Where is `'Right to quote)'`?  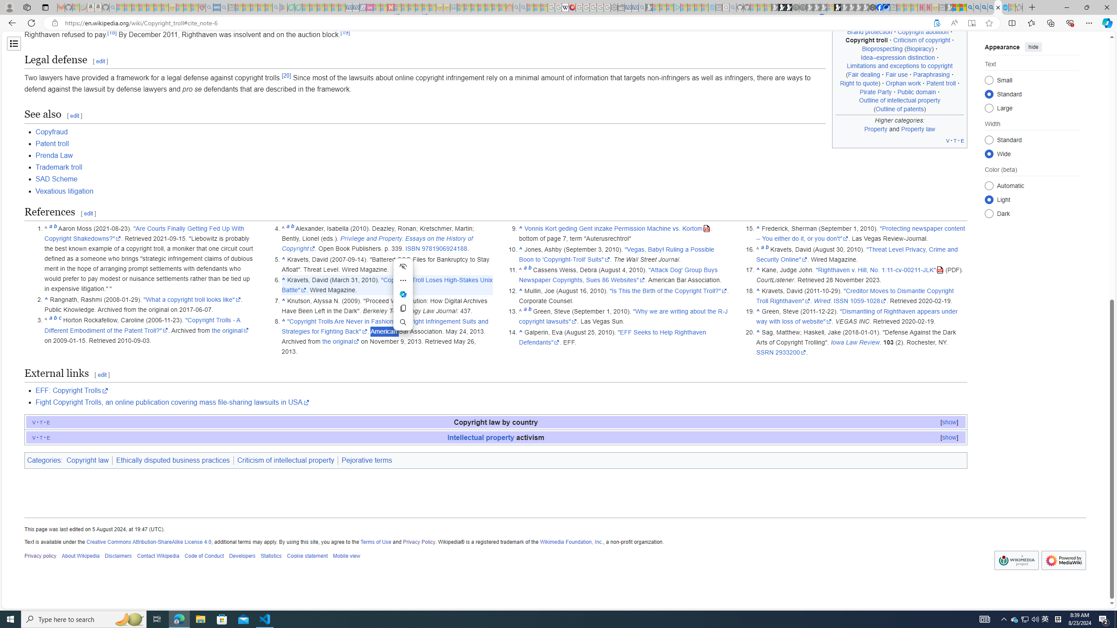
'Right to quote)' is located at coordinates (860, 82).